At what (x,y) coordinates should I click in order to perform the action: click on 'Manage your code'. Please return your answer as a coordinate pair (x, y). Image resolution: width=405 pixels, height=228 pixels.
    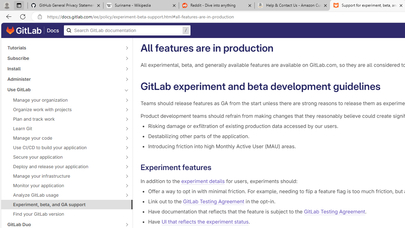
    Looking at the image, I should click on (63, 137).